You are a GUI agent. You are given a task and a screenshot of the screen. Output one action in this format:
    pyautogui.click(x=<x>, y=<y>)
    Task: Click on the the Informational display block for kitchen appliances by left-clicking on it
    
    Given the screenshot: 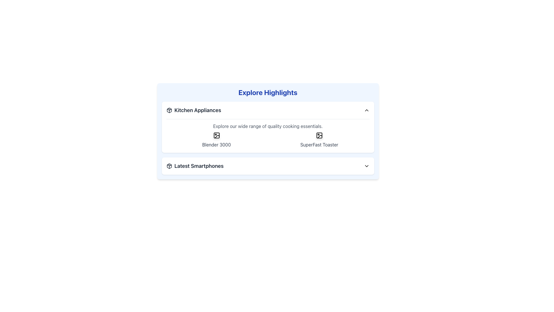 What is the action you would take?
    pyautogui.click(x=267, y=133)
    